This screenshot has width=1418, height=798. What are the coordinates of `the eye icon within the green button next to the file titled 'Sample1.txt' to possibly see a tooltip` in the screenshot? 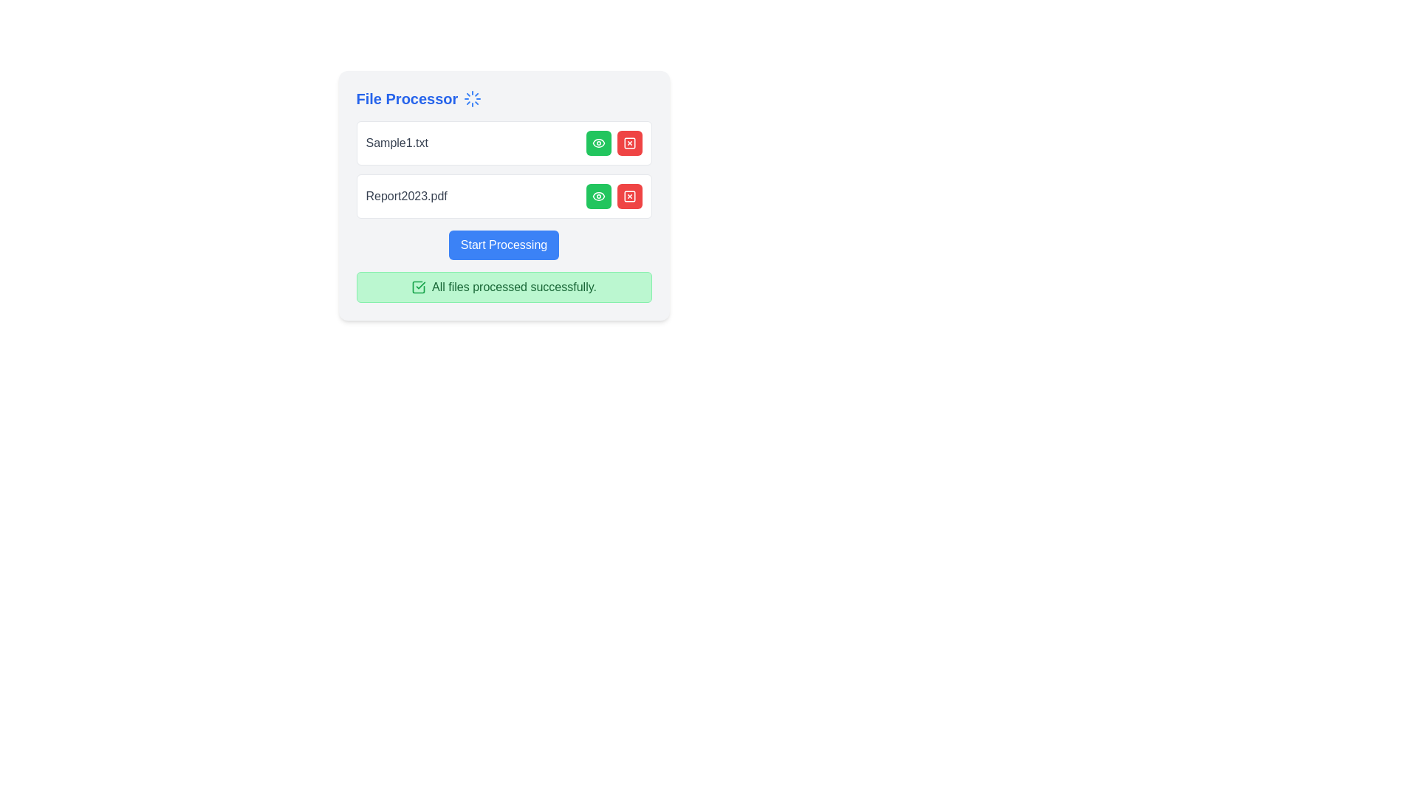 It's located at (598, 196).